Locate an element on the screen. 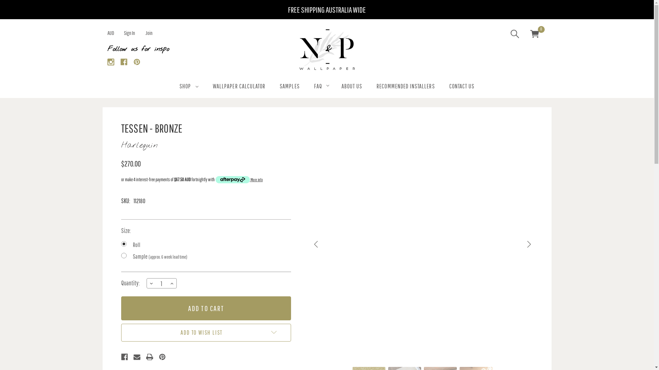 The width and height of the screenshot is (659, 370). 'ABOUT US' is located at coordinates (334, 87).